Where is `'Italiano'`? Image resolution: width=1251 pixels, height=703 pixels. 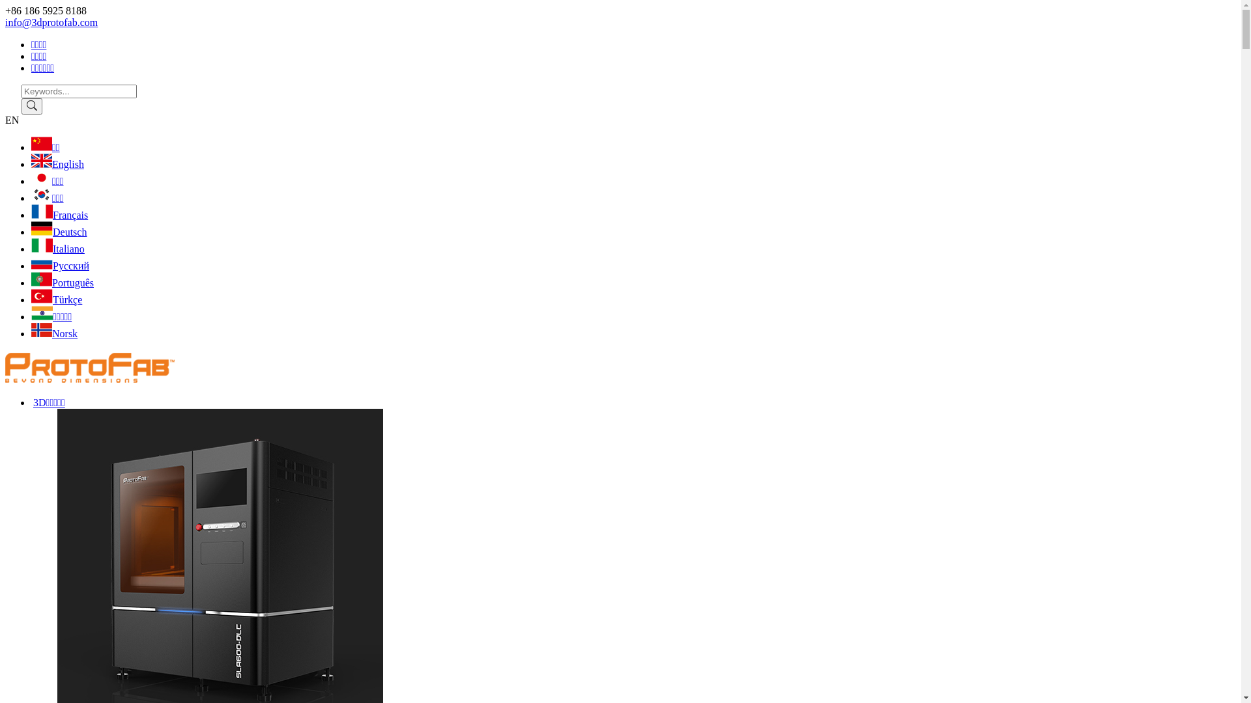 'Italiano' is located at coordinates (31, 249).